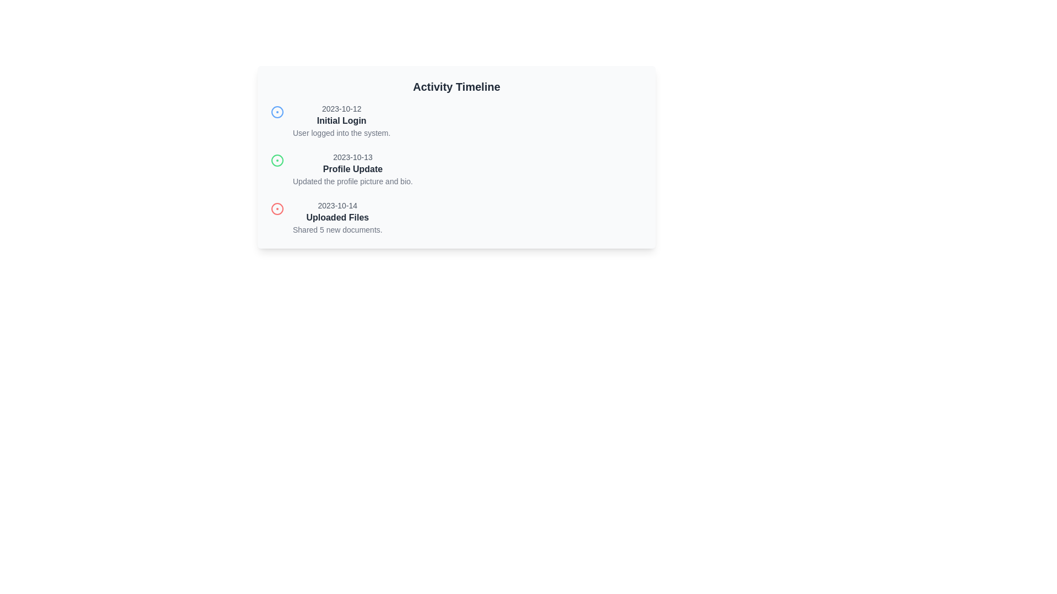 The width and height of the screenshot is (1057, 594). What do you see at coordinates (352, 181) in the screenshot?
I see `the small gray text label that reads 'Updated the profile picture and bio.' located beneath the 'Profile Update' header in the activity logs section` at bounding box center [352, 181].